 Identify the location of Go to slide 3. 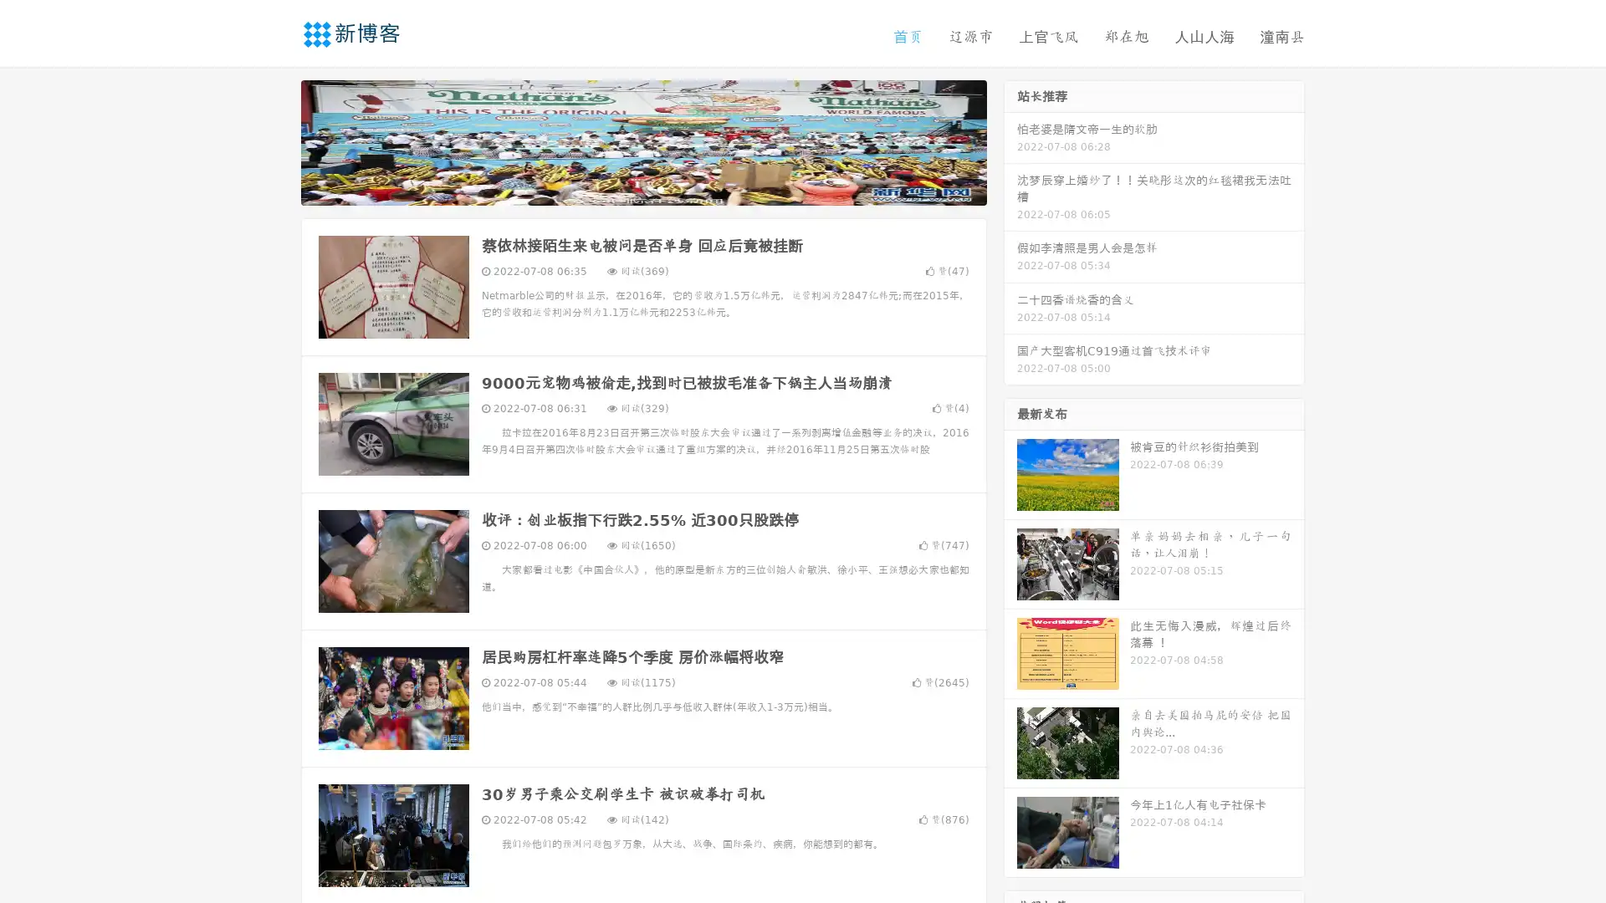
(660, 188).